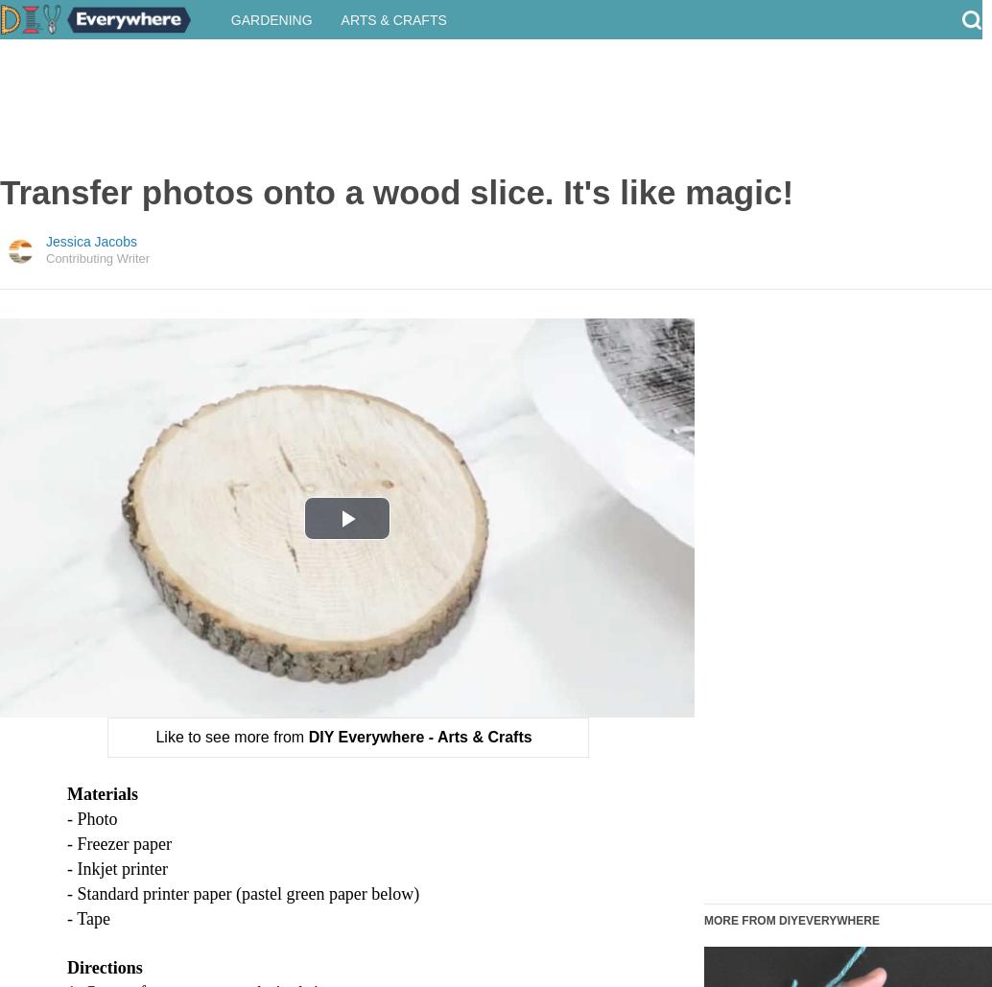  What do you see at coordinates (91, 259) in the screenshot?
I see `'Jessica Jacobs'` at bounding box center [91, 259].